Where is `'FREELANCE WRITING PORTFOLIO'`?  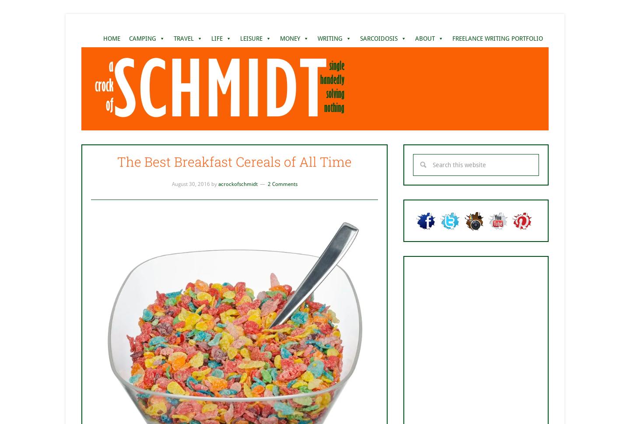 'FREELANCE WRITING PORTFOLIO' is located at coordinates (497, 38).